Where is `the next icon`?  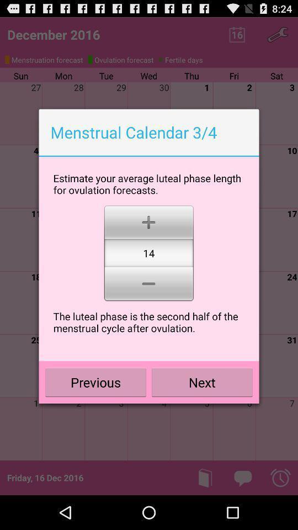 the next icon is located at coordinates (201, 382).